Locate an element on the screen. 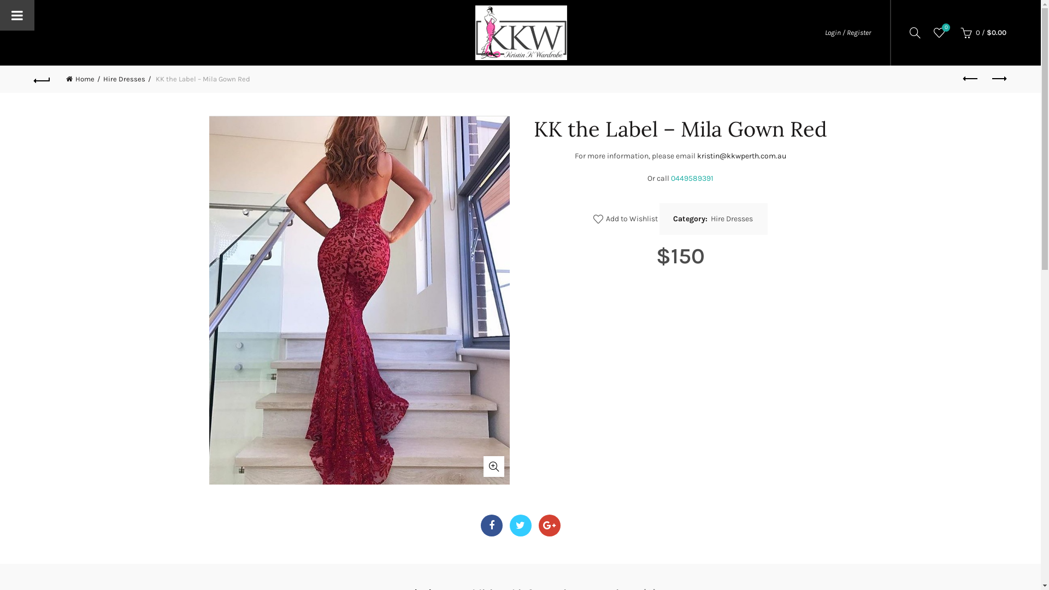  'Login / Register' is located at coordinates (847, 32).